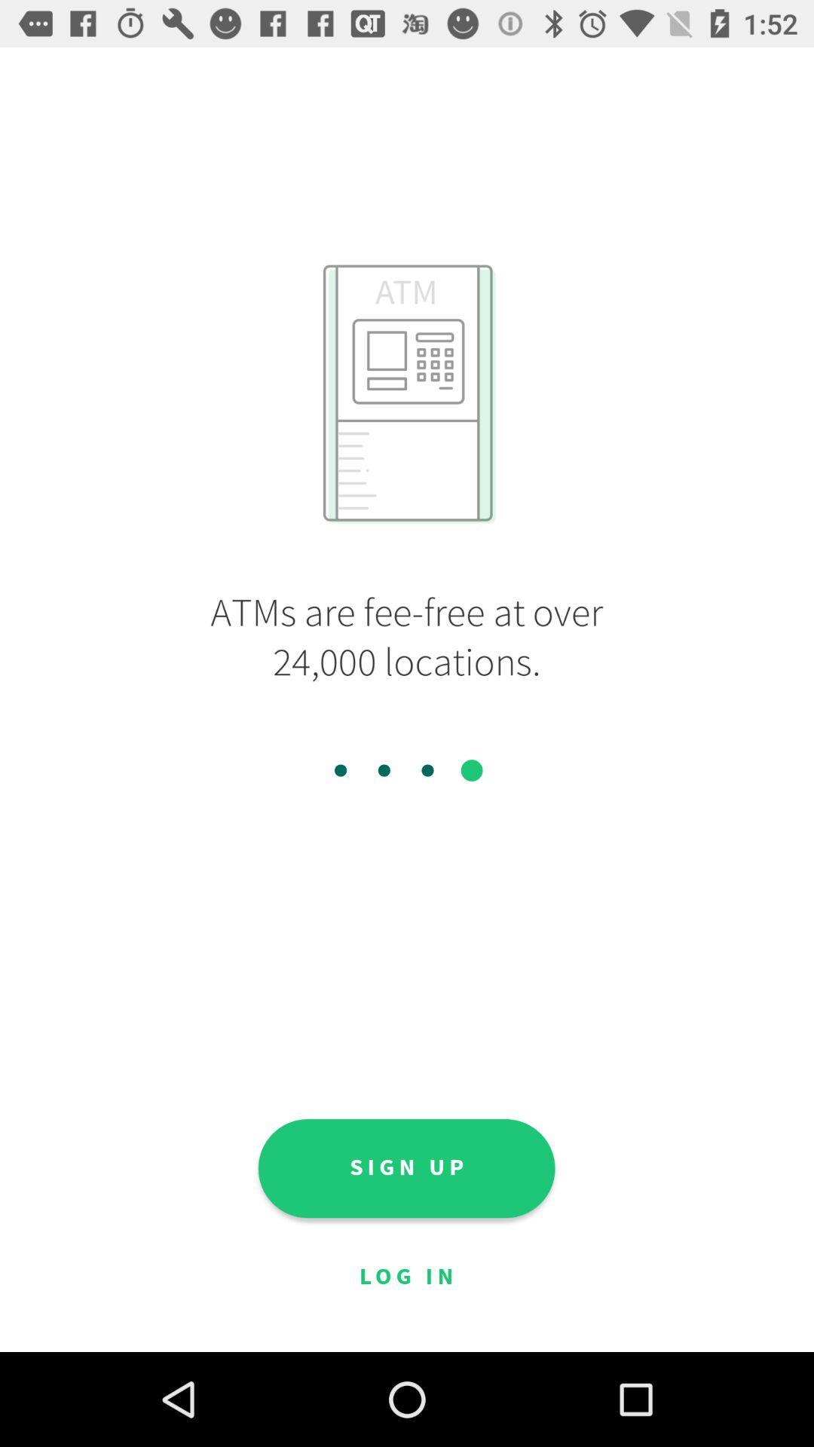 The image size is (814, 1447). I want to click on log in icon, so click(405, 1277).